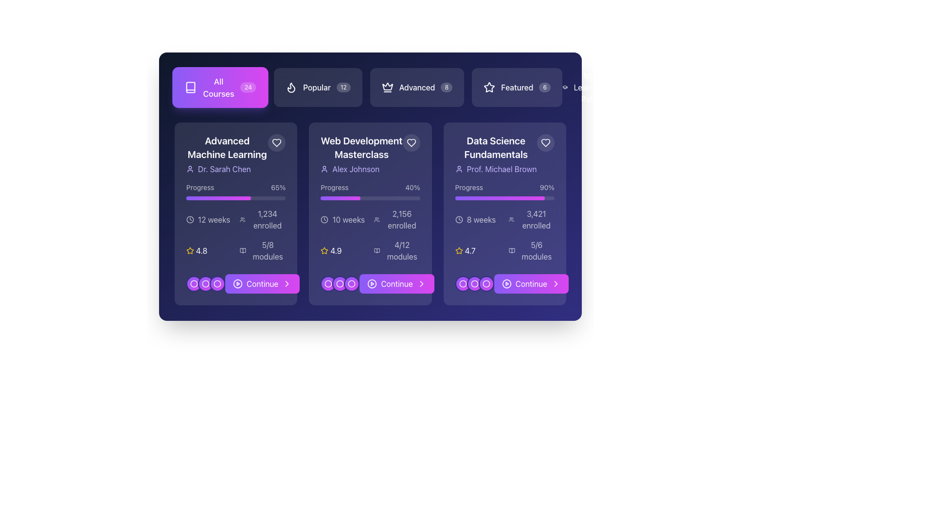 This screenshot has width=934, height=525. I want to click on the 'Web Development Masterclass' text block with icon element for accessibility purposes, so click(370, 154).